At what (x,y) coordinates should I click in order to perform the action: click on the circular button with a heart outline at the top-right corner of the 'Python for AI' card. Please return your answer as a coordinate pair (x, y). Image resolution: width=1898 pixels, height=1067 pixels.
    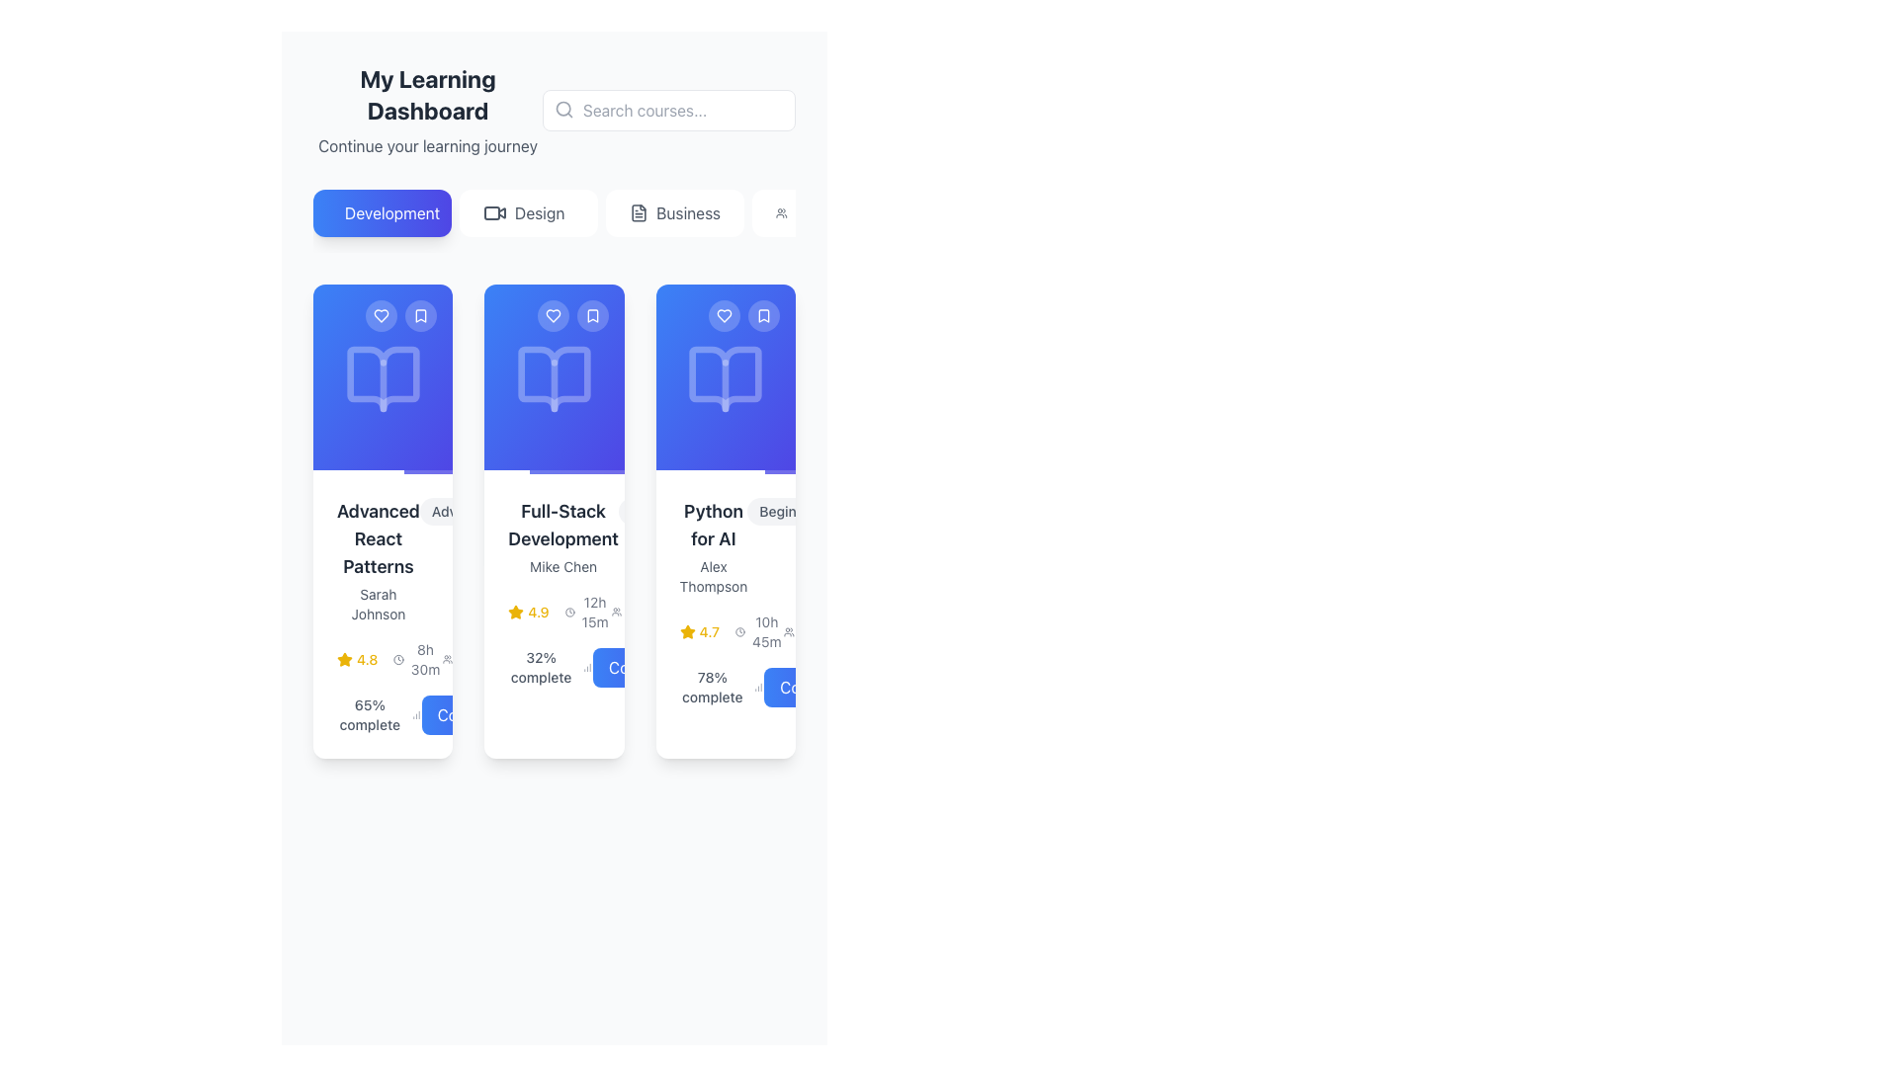
    Looking at the image, I should click on (724, 315).